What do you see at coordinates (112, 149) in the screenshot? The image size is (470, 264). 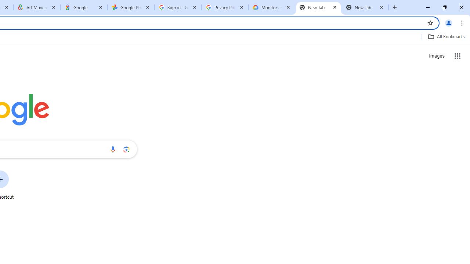 I see `'Search by voice'` at bounding box center [112, 149].